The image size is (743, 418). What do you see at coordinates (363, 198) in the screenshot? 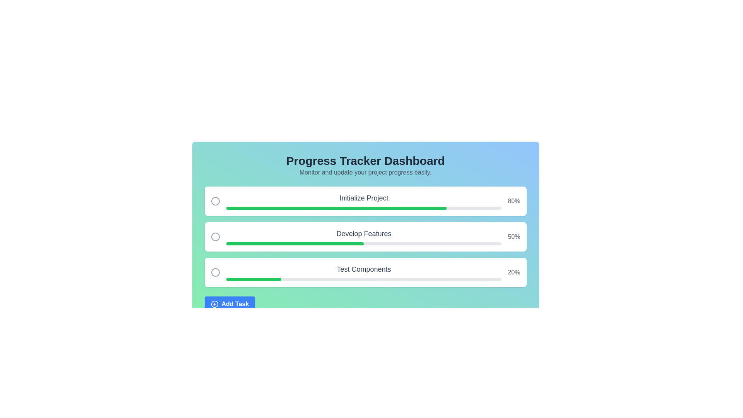
I see `the first text label for the project initialization task, which serves as a title above the progress bar` at bounding box center [363, 198].